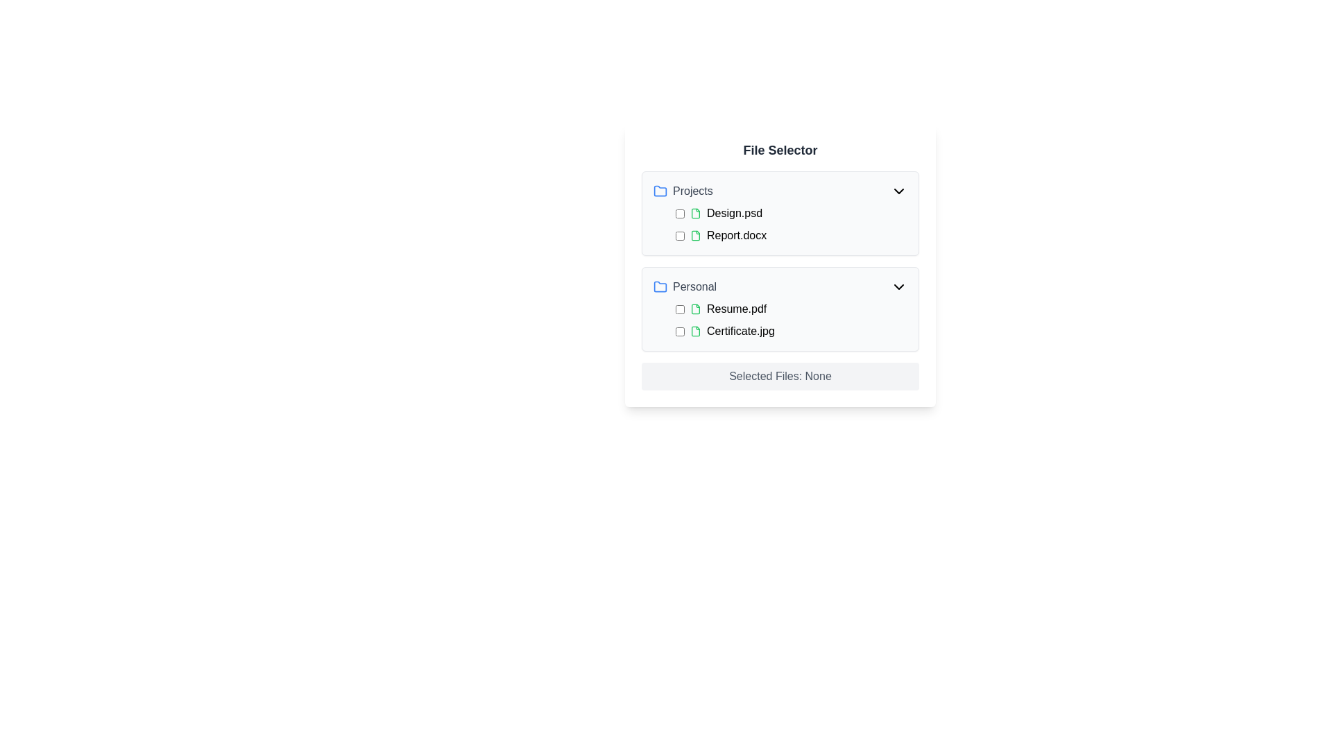  What do you see at coordinates (899, 286) in the screenshot?
I see `the downward-pointing chevron icon of the Dropdown toggle button in the 'Personal' section` at bounding box center [899, 286].